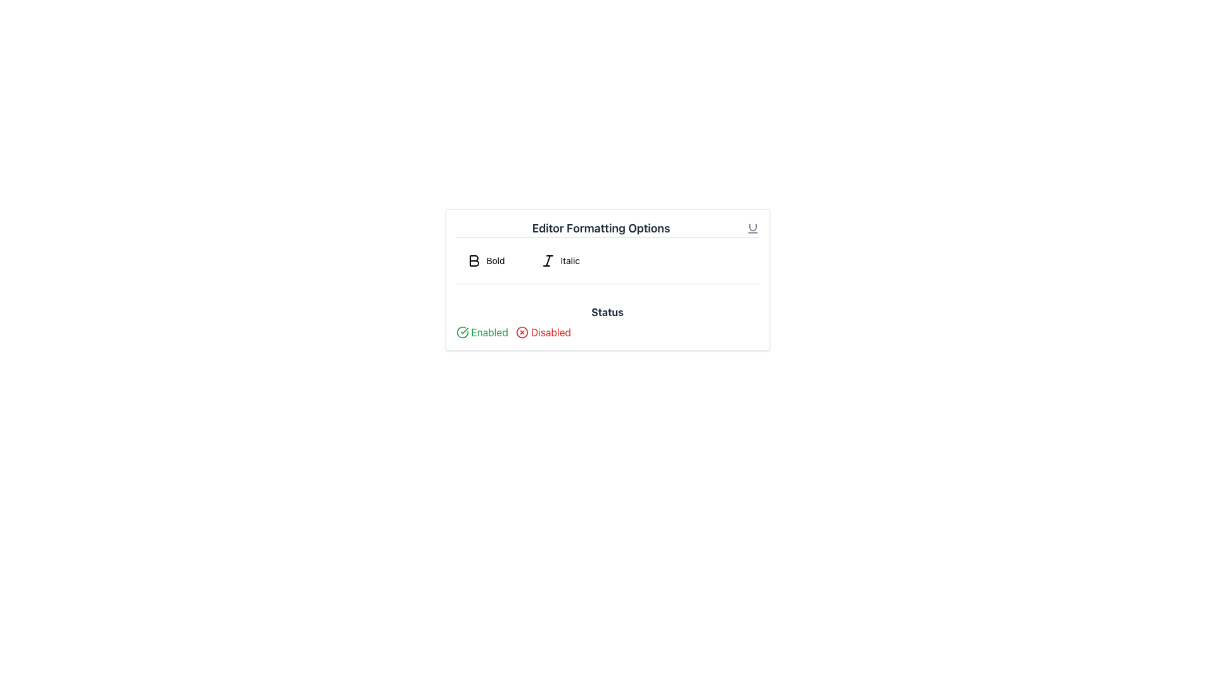  I want to click on the 'Bold' text label, which is styled with a smaller font size and aligned horizontally next to a bold-styling icon, so click(495, 260).